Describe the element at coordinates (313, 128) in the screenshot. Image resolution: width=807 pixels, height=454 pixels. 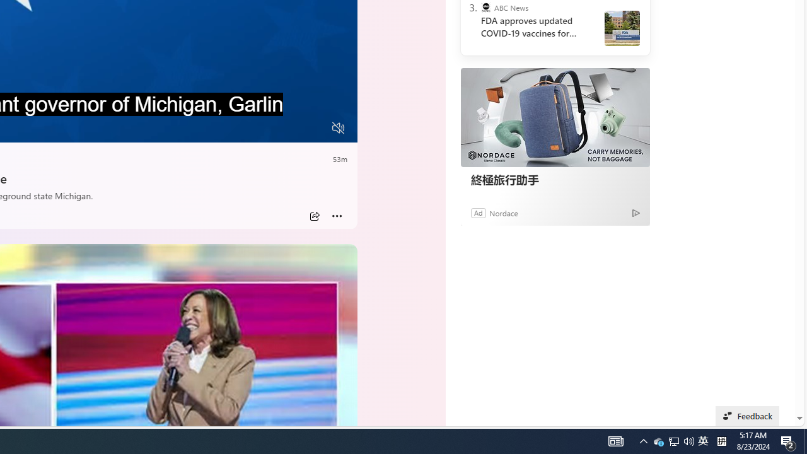
I see `'Fullscreen'` at that location.